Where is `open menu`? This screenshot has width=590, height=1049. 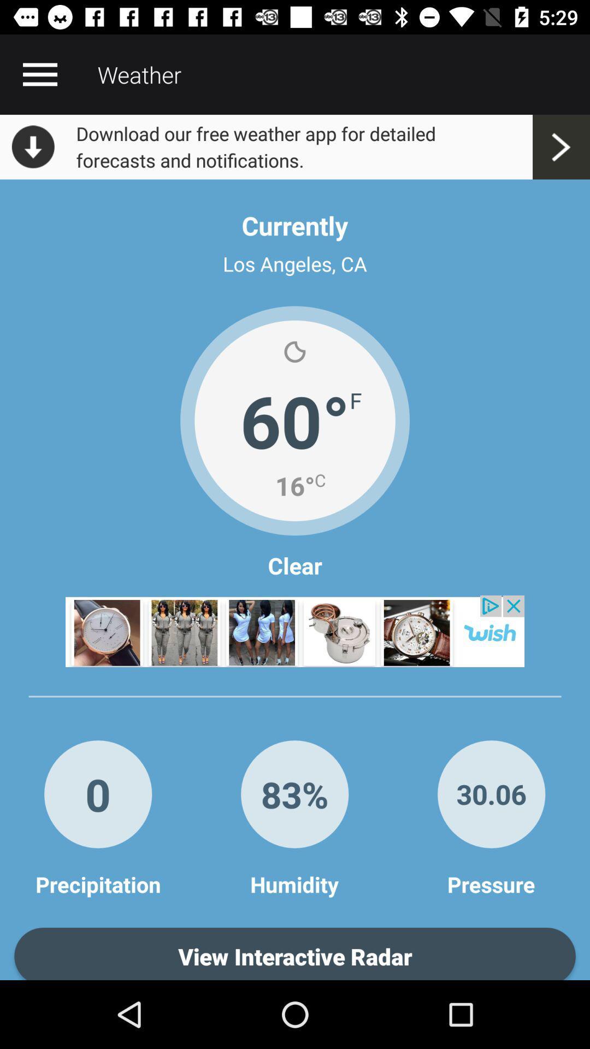 open menu is located at coordinates (39, 74).